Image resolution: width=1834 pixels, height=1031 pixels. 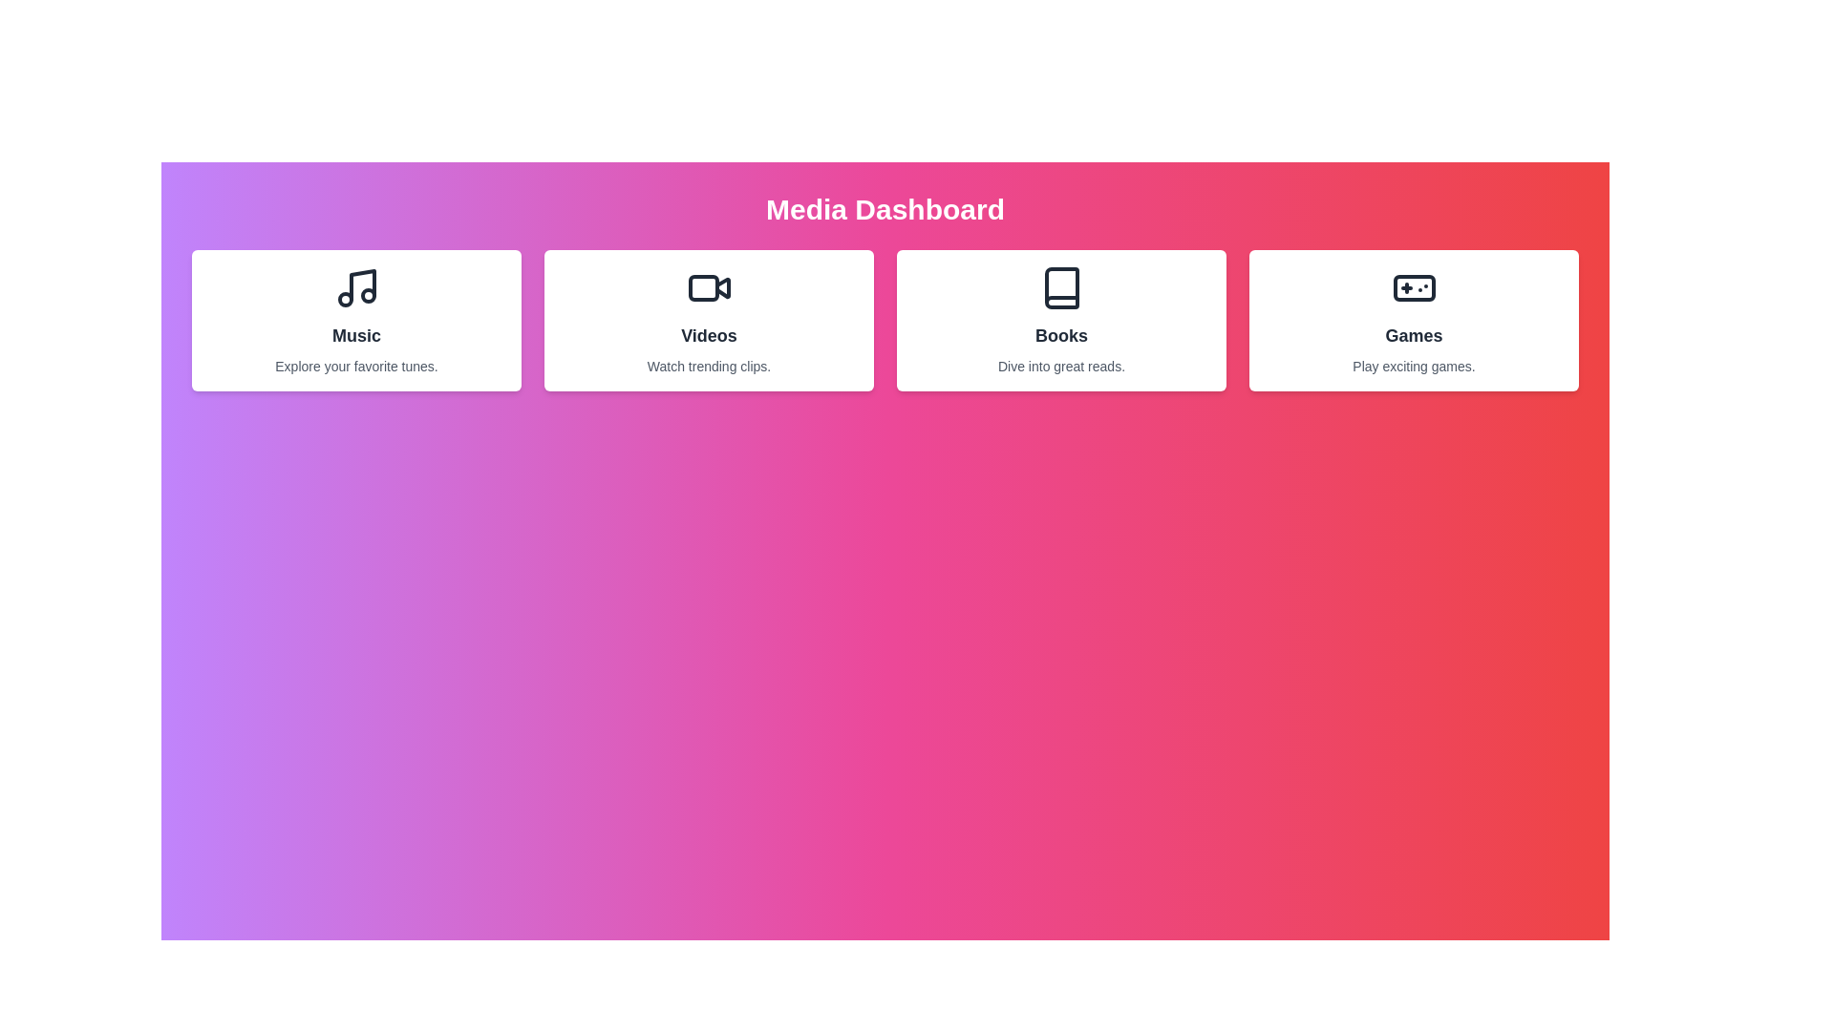 What do you see at coordinates (1414, 287) in the screenshot?
I see `the controller icon located at the top center of the 'Games' card, which features a plus-shaped button on the left and smaller circular buttons on the right` at bounding box center [1414, 287].